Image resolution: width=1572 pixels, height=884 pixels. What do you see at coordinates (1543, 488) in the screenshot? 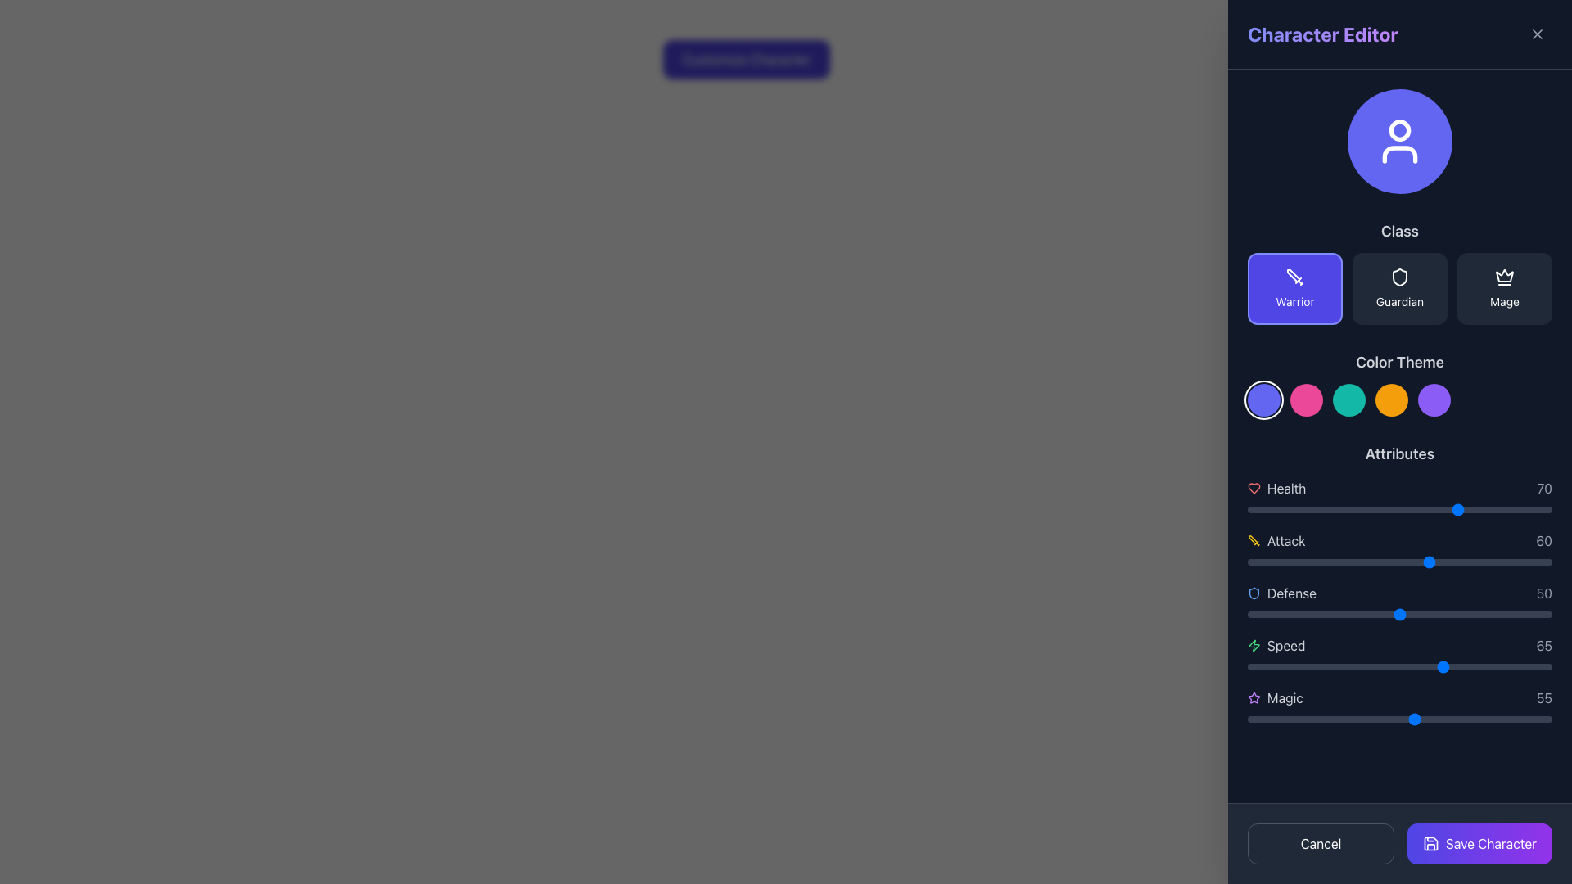
I see `the static text displaying the current value for the 'Health' attribute in the character customization interface, located at the right end of the 'Health' attribute row` at bounding box center [1543, 488].